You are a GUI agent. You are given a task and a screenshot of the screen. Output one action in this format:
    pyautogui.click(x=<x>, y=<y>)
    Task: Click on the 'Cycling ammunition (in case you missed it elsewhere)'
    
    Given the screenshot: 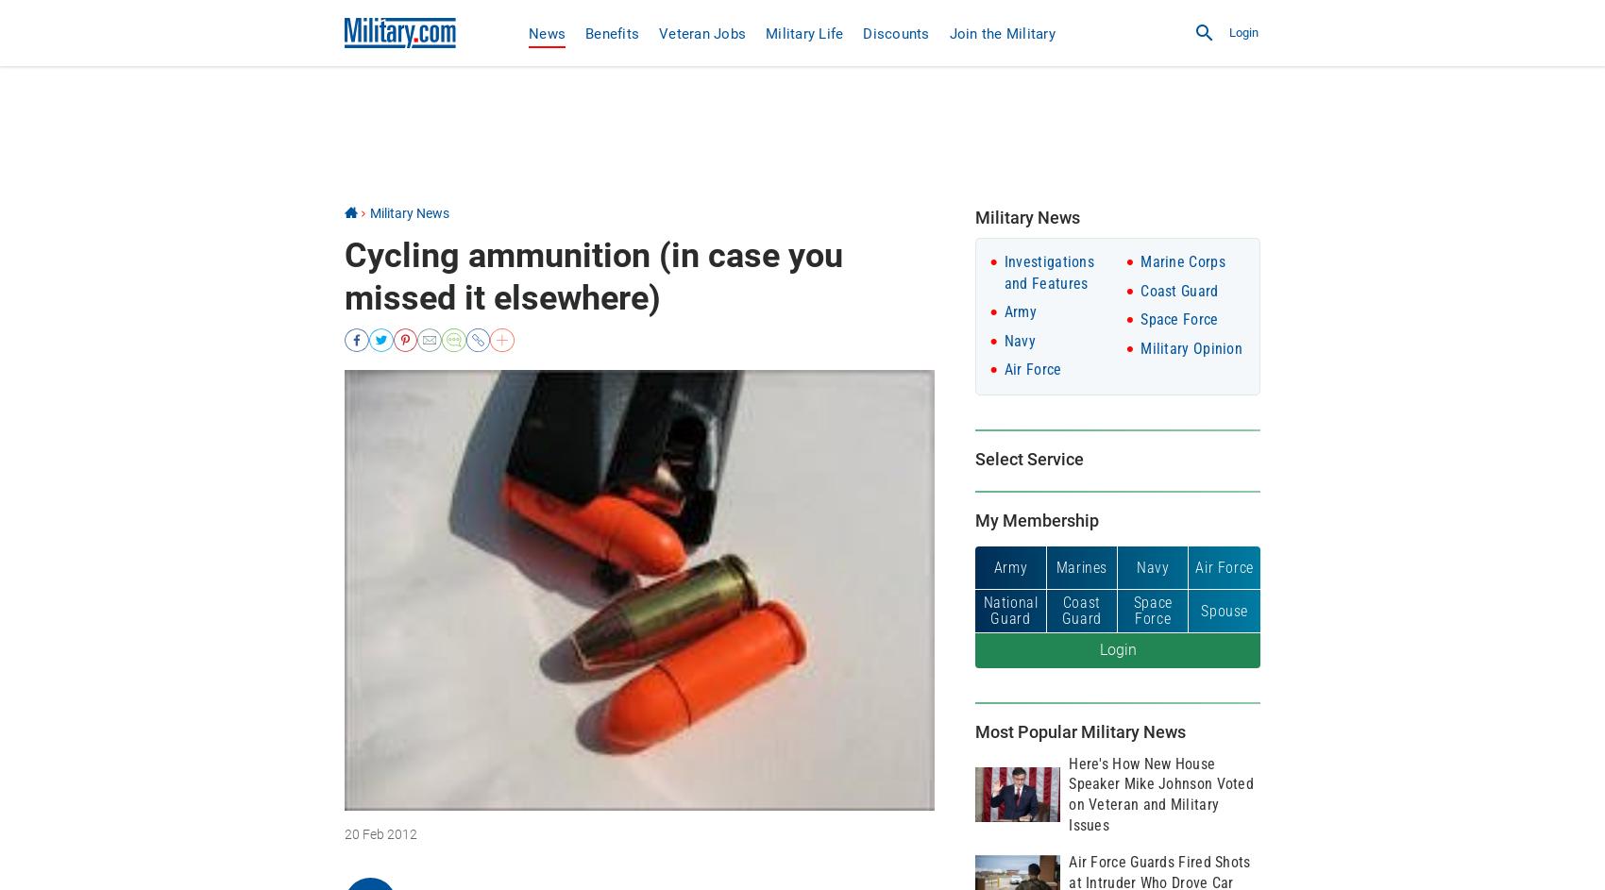 What is the action you would take?
    pyautogui.click(x=343, y=275)
    